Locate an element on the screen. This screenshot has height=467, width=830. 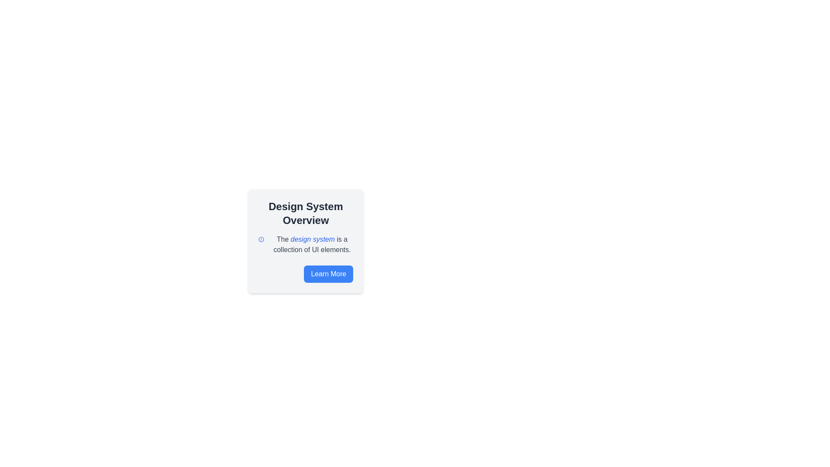
the circular SVG graphic icon with a blue outline, which contains a warning or alert element and is located to the left of the text 'The design system is a collection of UI elements.' is located at coordinates (261, 240).